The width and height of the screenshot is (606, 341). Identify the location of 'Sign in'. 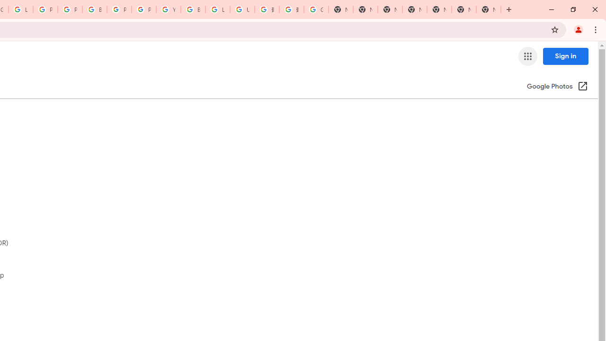
(565, 56).